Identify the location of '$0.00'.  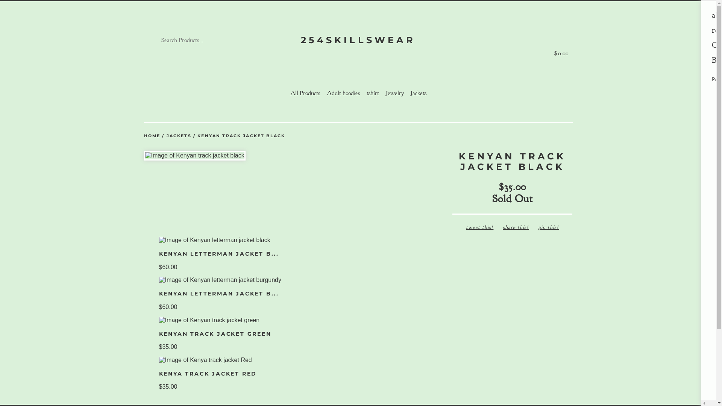
(561, 40).